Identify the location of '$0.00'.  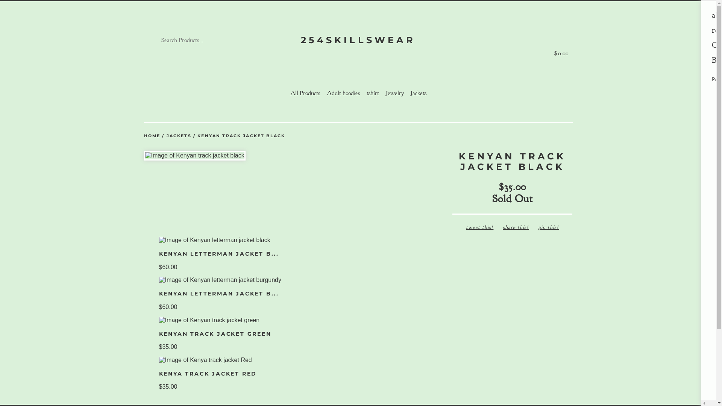
(561, 40).